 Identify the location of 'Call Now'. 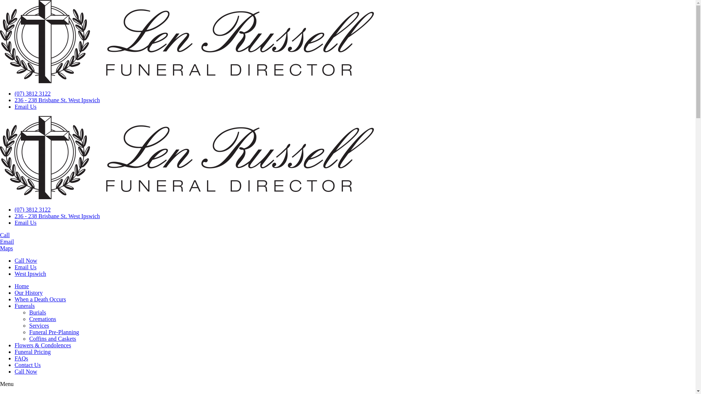
(26, 260).